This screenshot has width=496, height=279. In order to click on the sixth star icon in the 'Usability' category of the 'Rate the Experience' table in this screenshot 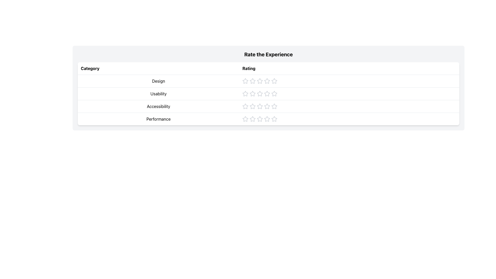, I will do `click(267, 94)`.